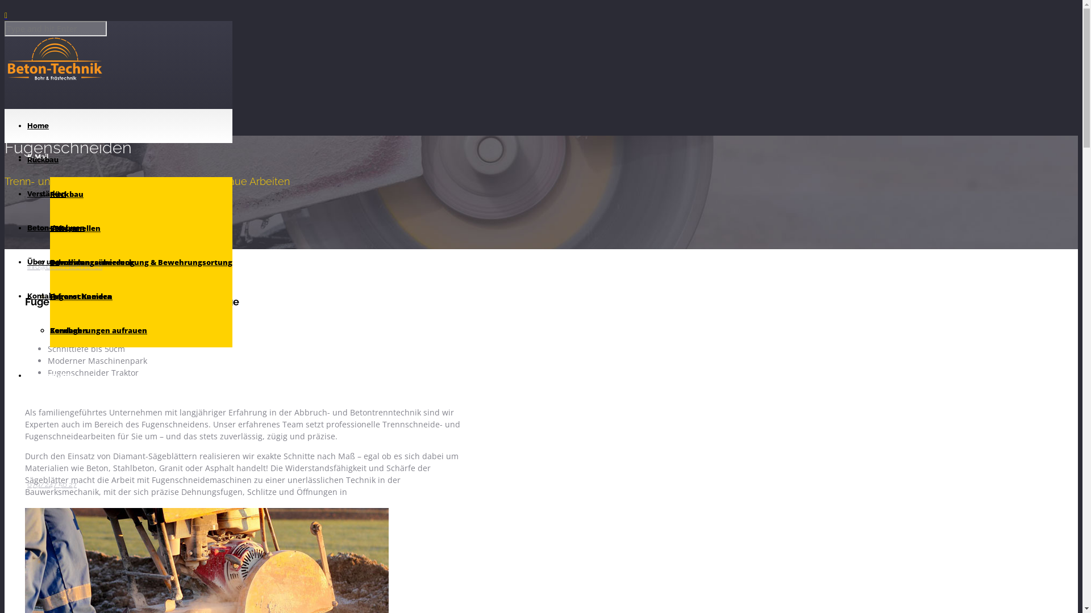 This screenshot has height=613, width=1091. Describe the element at coordinates (51, 484) in the screenshot. I see `'079/247 50 27'` at that location.